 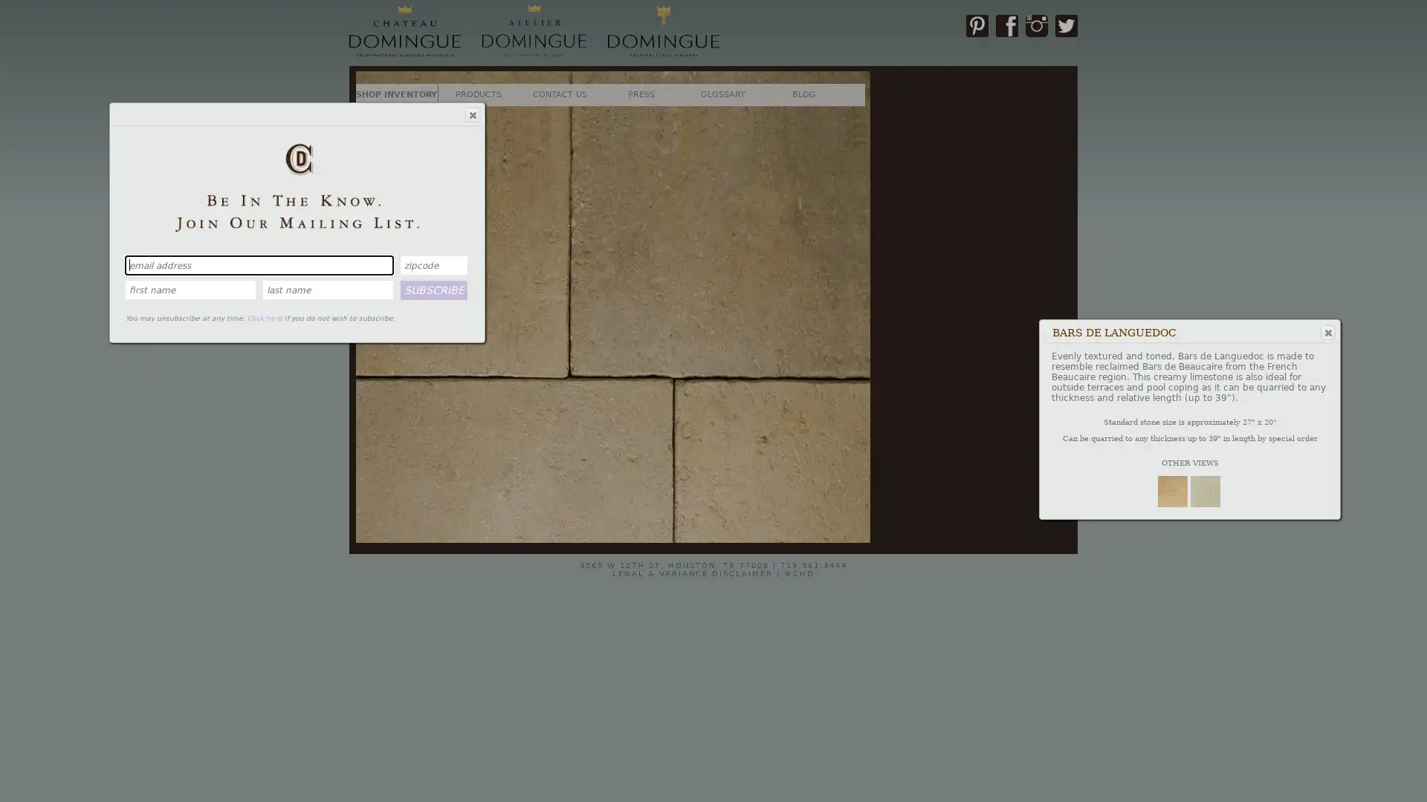 I want to click on Close, so click(x=470, y=114).